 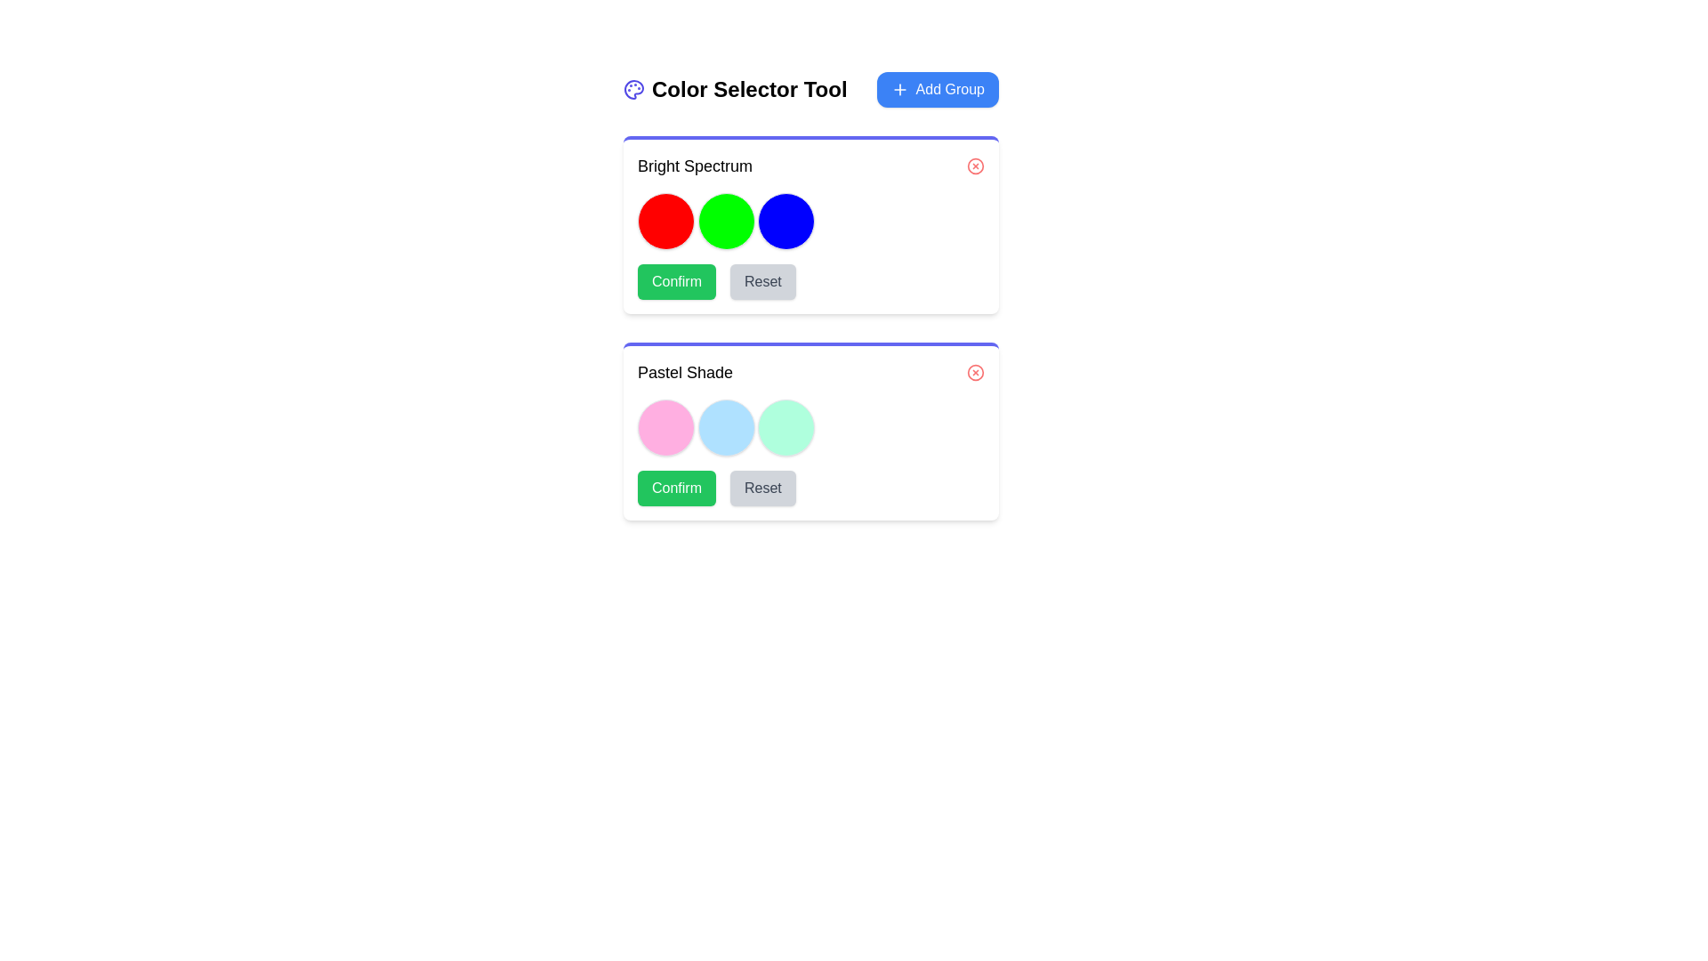 What do you see at coordinates (762, 488) in the screenshot?
I see `the 'Reset' button, which is a rectangular button with a light gray background and rounded corners, containing the text 'Reset' in gray font. It is positioned on the right side of the 'Confirm' button in the 'Pastel Shade' section` at bounding box center [762, 488].